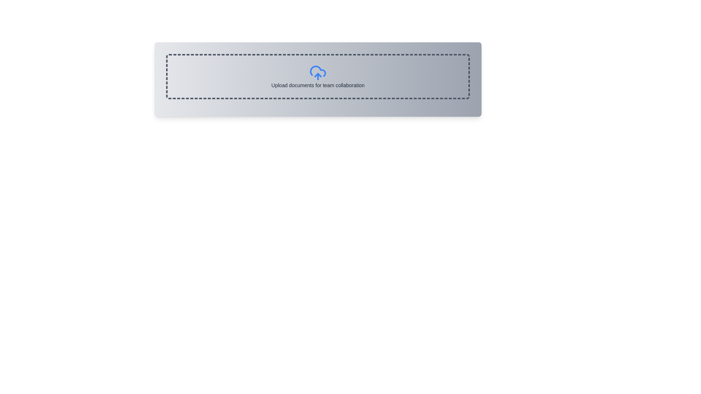 The height and width of the screenshot is (394, 701). What do you see at coordinates (318, 76) in the screenshot?
I see `the cloud icon in the call-to-action element that prompts 'Upload documents for team collaboration' to initiate the document upload process` at bounding box center [318, 76].